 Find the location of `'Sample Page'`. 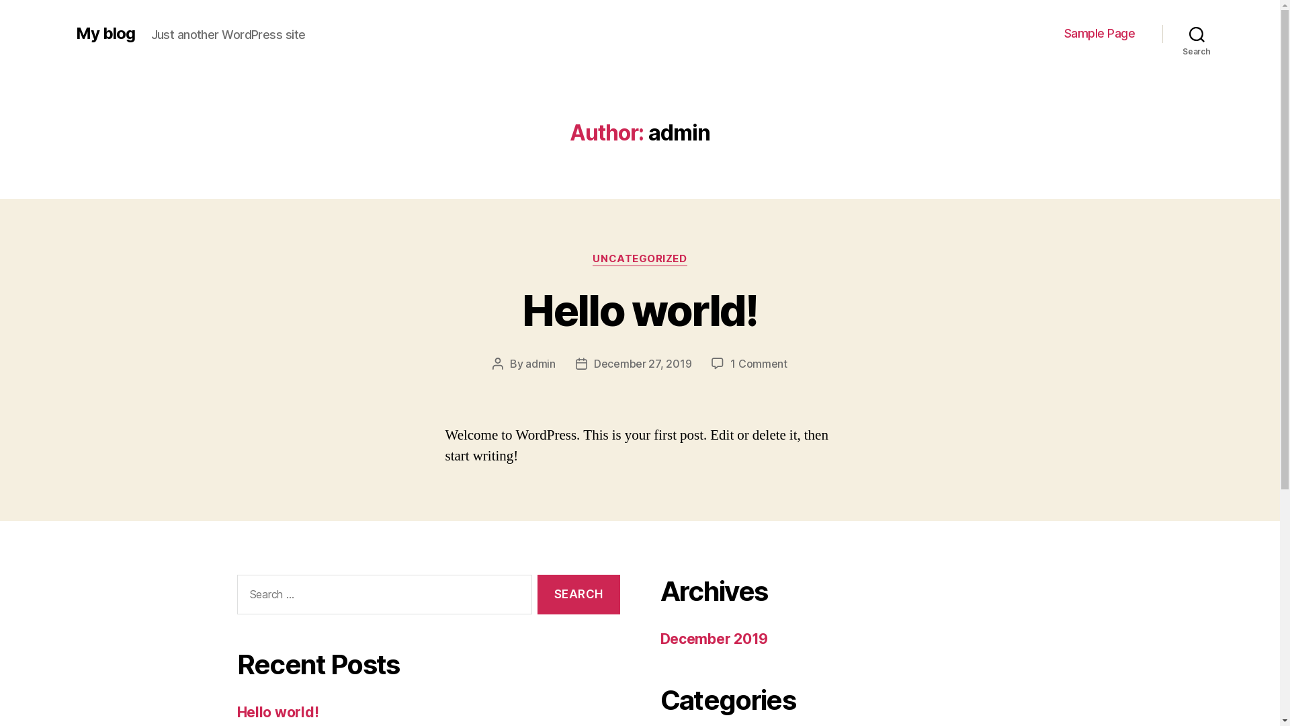

'Sample Page' is located at coordinates (1099, 33).